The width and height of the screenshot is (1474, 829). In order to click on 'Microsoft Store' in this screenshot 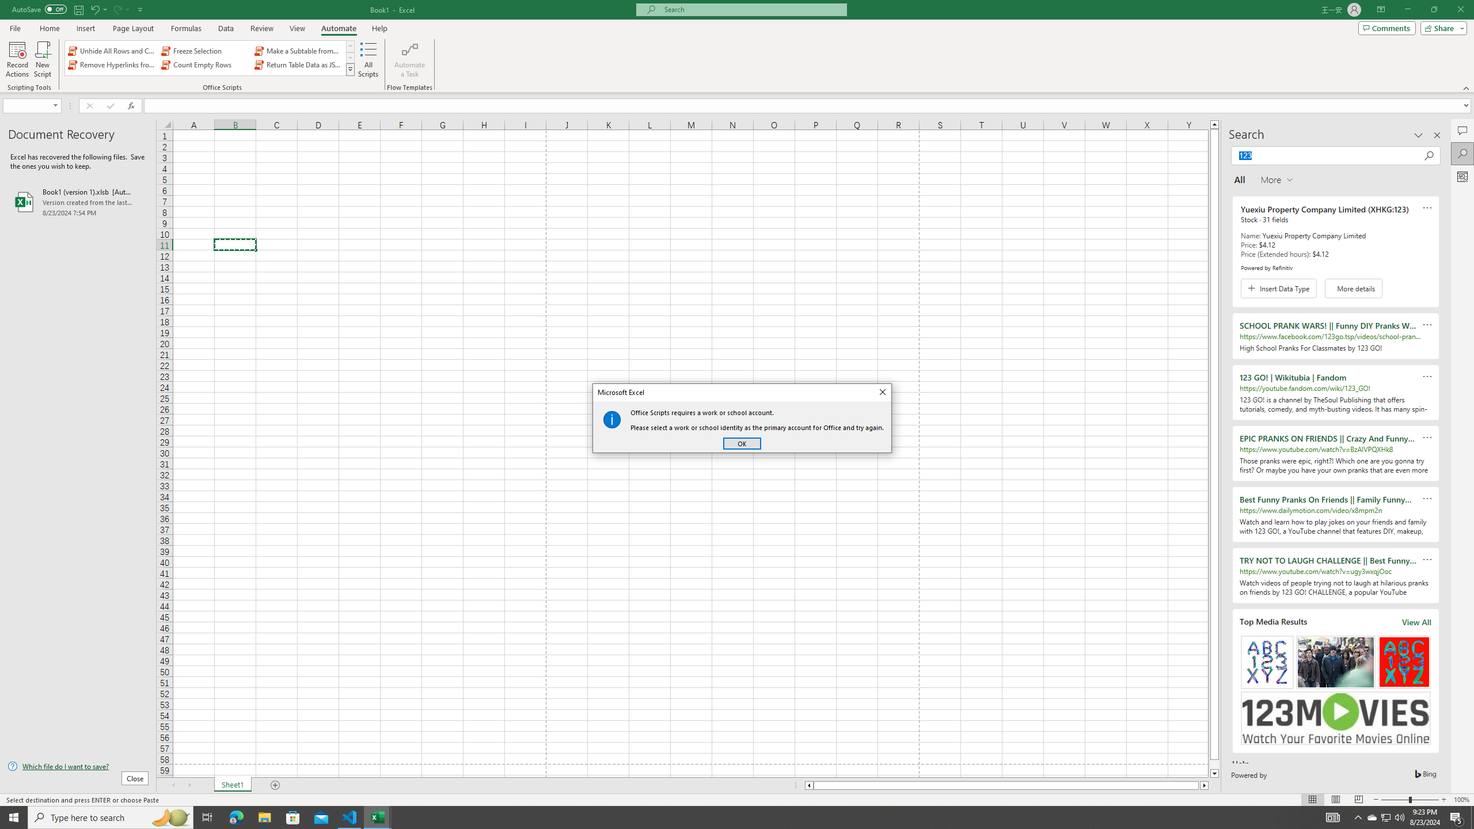, I will do `click(293, 816)`.